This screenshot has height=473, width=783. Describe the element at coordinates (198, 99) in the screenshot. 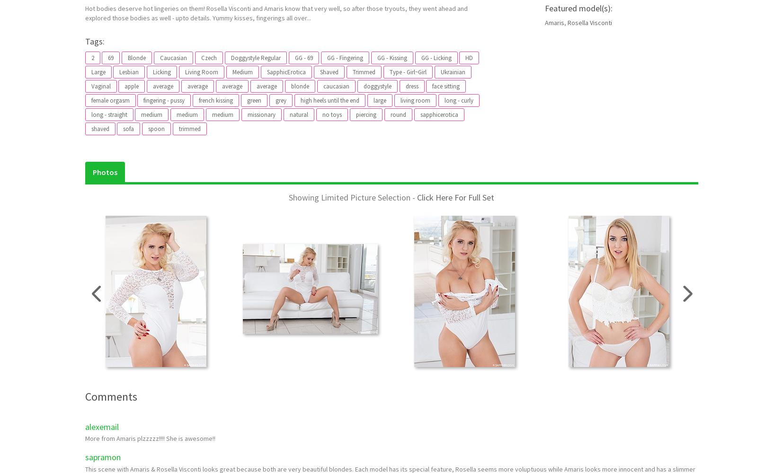

I see `'french kissing'` at that location.